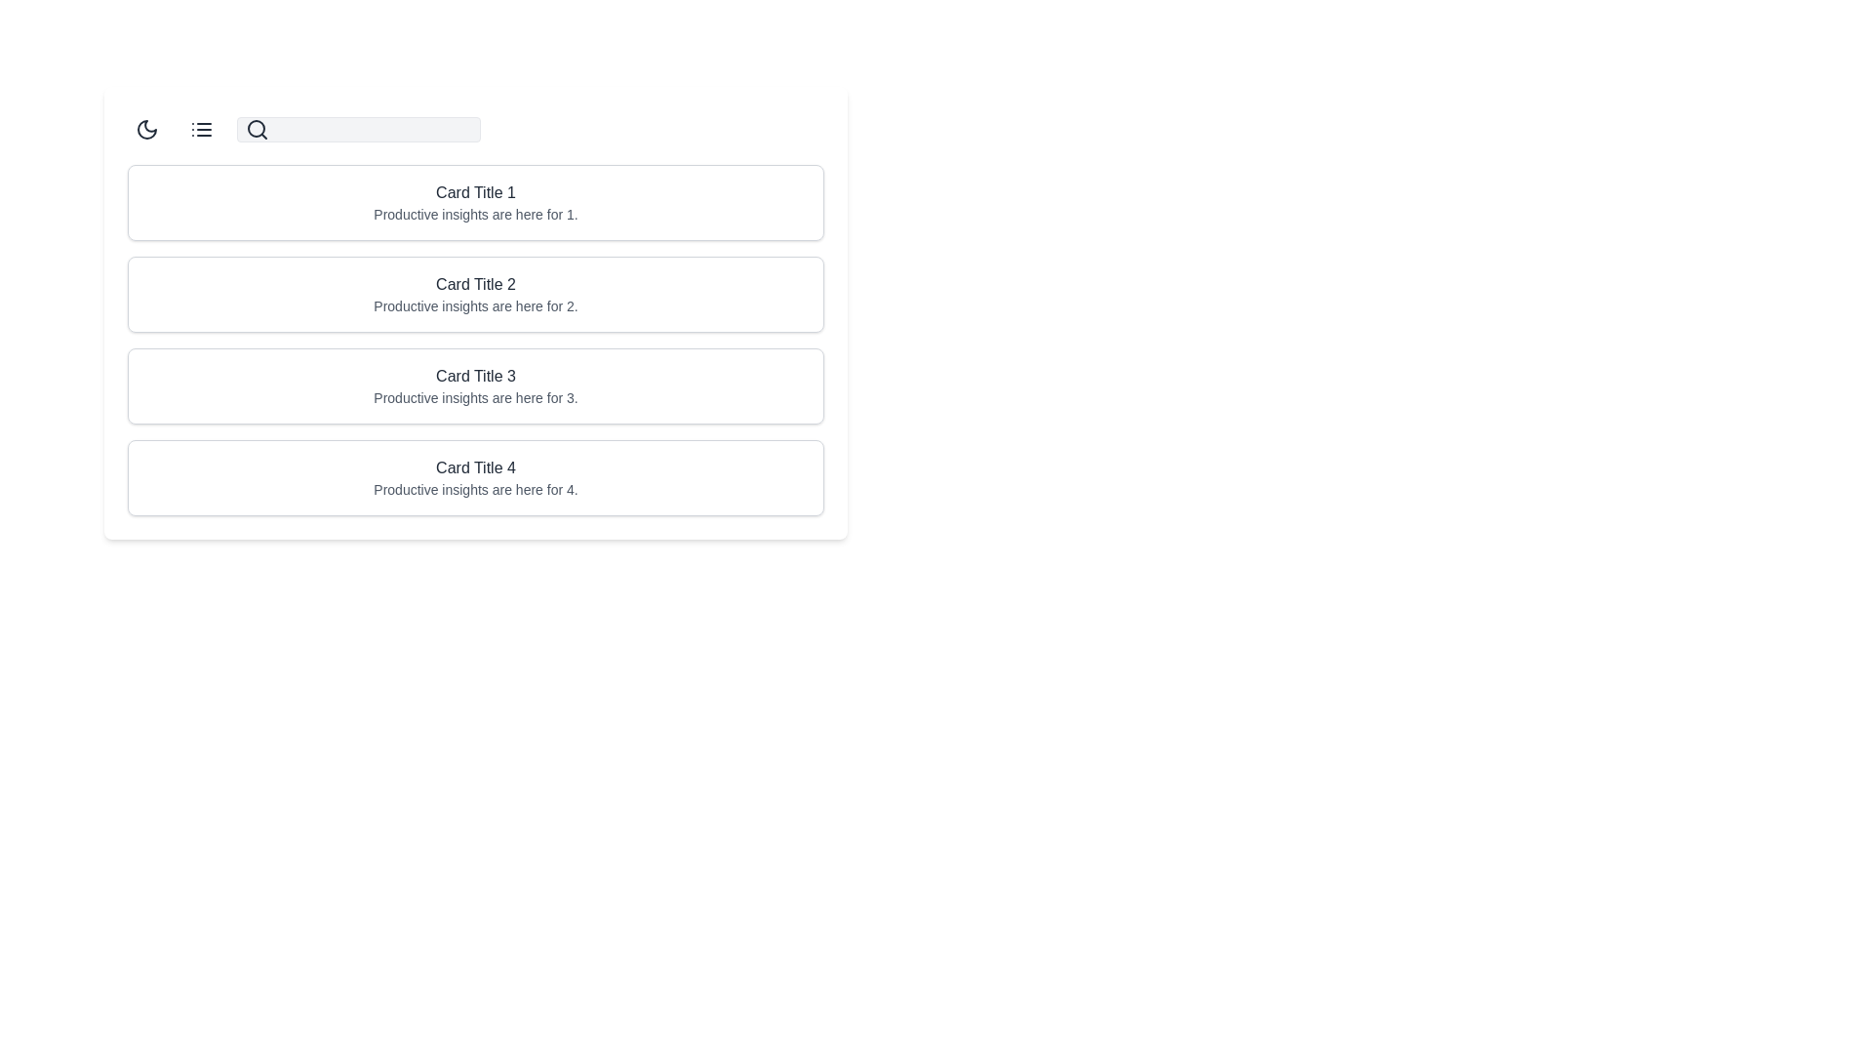 This screenshot has width=1873, height=1054. I want to click on the title text of the fourth card in the vertically arranged list, so click(476, 467).